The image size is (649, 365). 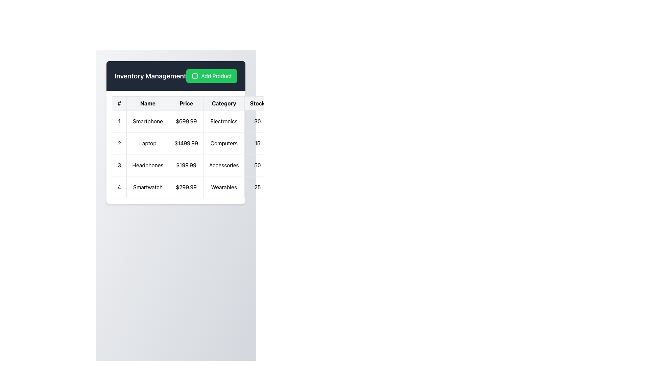 I want to click on displayed price from the Text Label that shows the price of the item in the first row of the table, located between 'Smartphone' and 'Electronics', so click(x=186, y=121).